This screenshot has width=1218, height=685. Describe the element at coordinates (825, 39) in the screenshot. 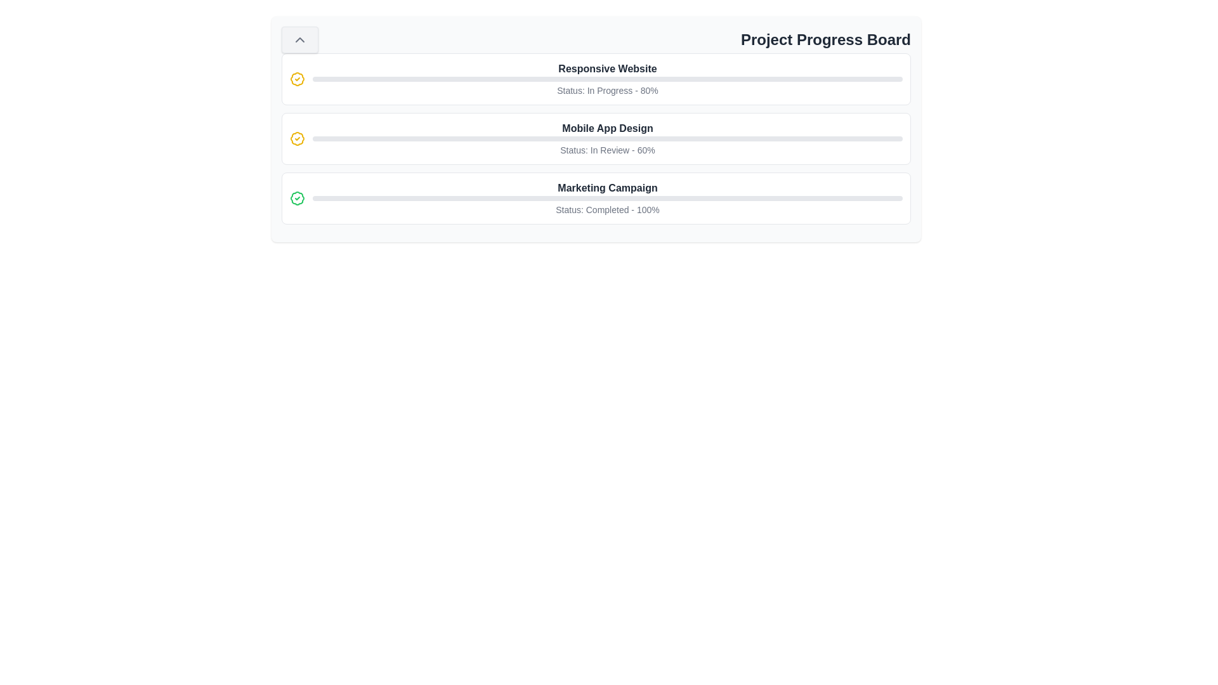

I see `the large, bold, dark-colored text label reading 'Project Progress Board' located in the upper-right section of the interface` at that location.